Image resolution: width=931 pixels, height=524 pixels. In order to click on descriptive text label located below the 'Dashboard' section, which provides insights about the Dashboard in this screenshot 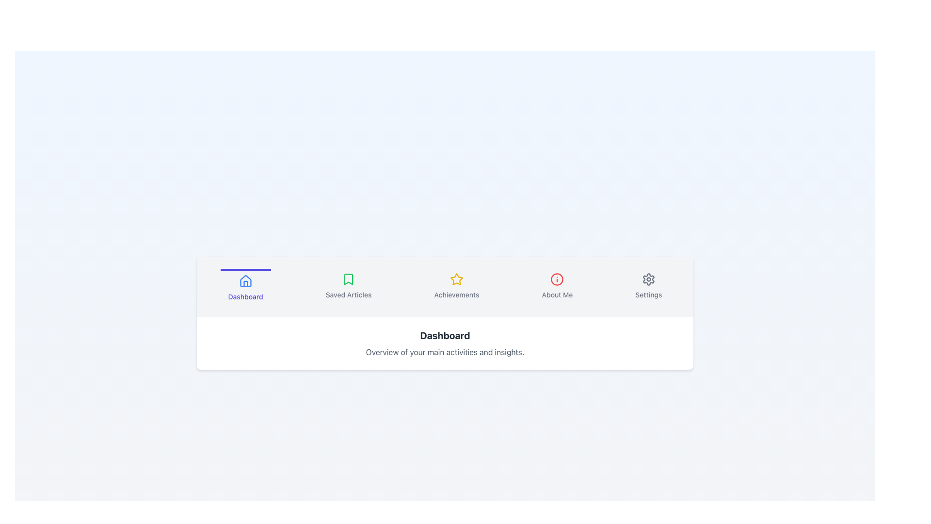, I will do `click(444, 352)`.